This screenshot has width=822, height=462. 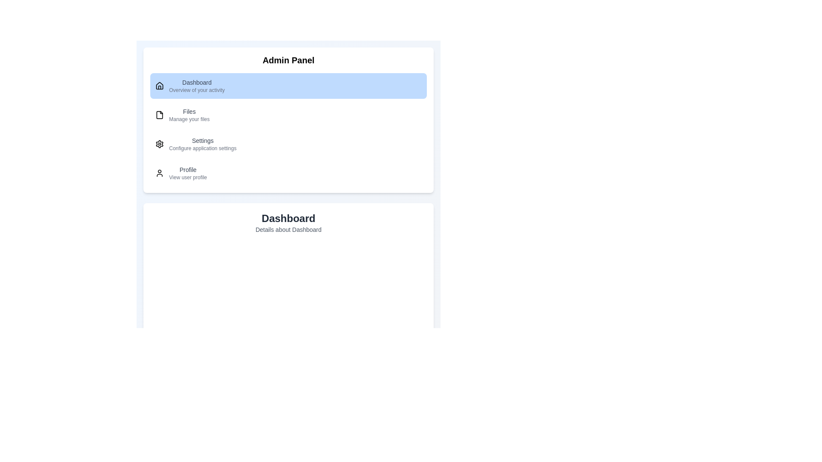 I want to click on the description of the menu item Files, so click(x=189, y=115).